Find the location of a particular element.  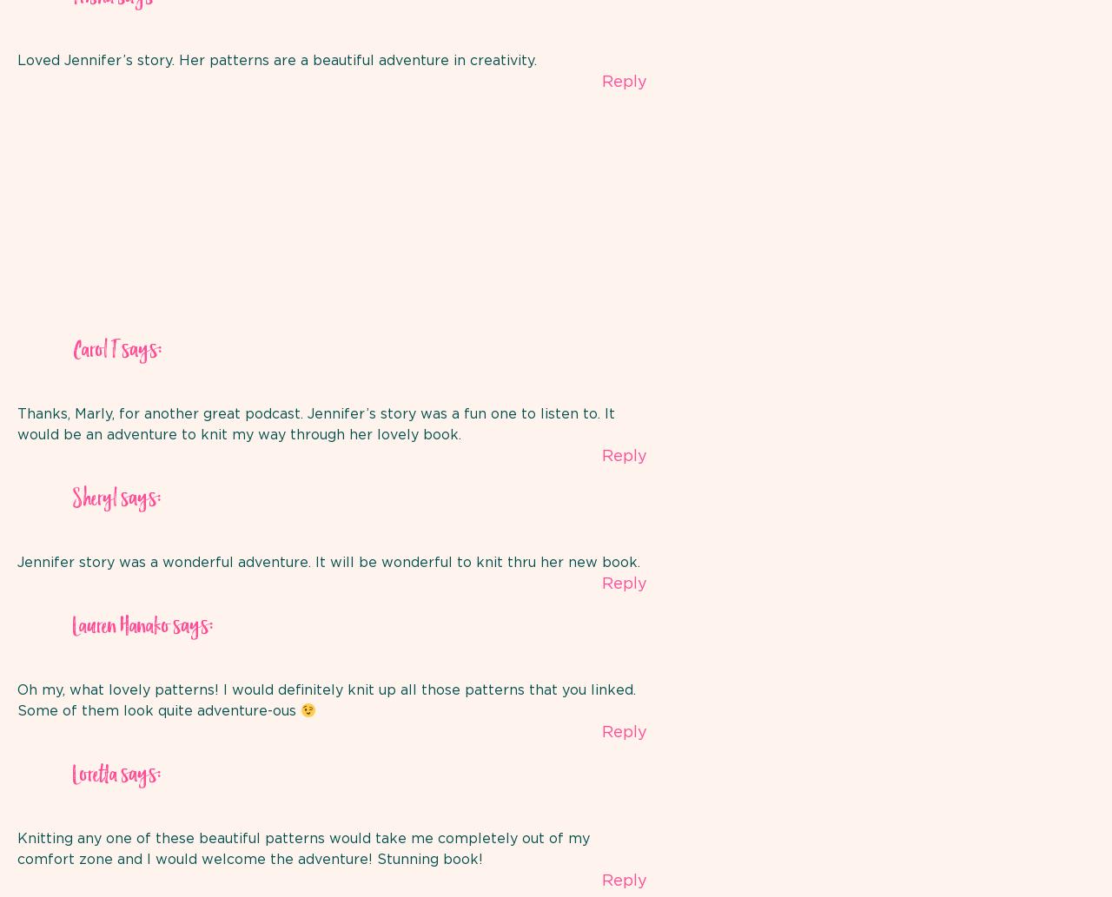

'Loretta' is located at coordinates (94, 775).